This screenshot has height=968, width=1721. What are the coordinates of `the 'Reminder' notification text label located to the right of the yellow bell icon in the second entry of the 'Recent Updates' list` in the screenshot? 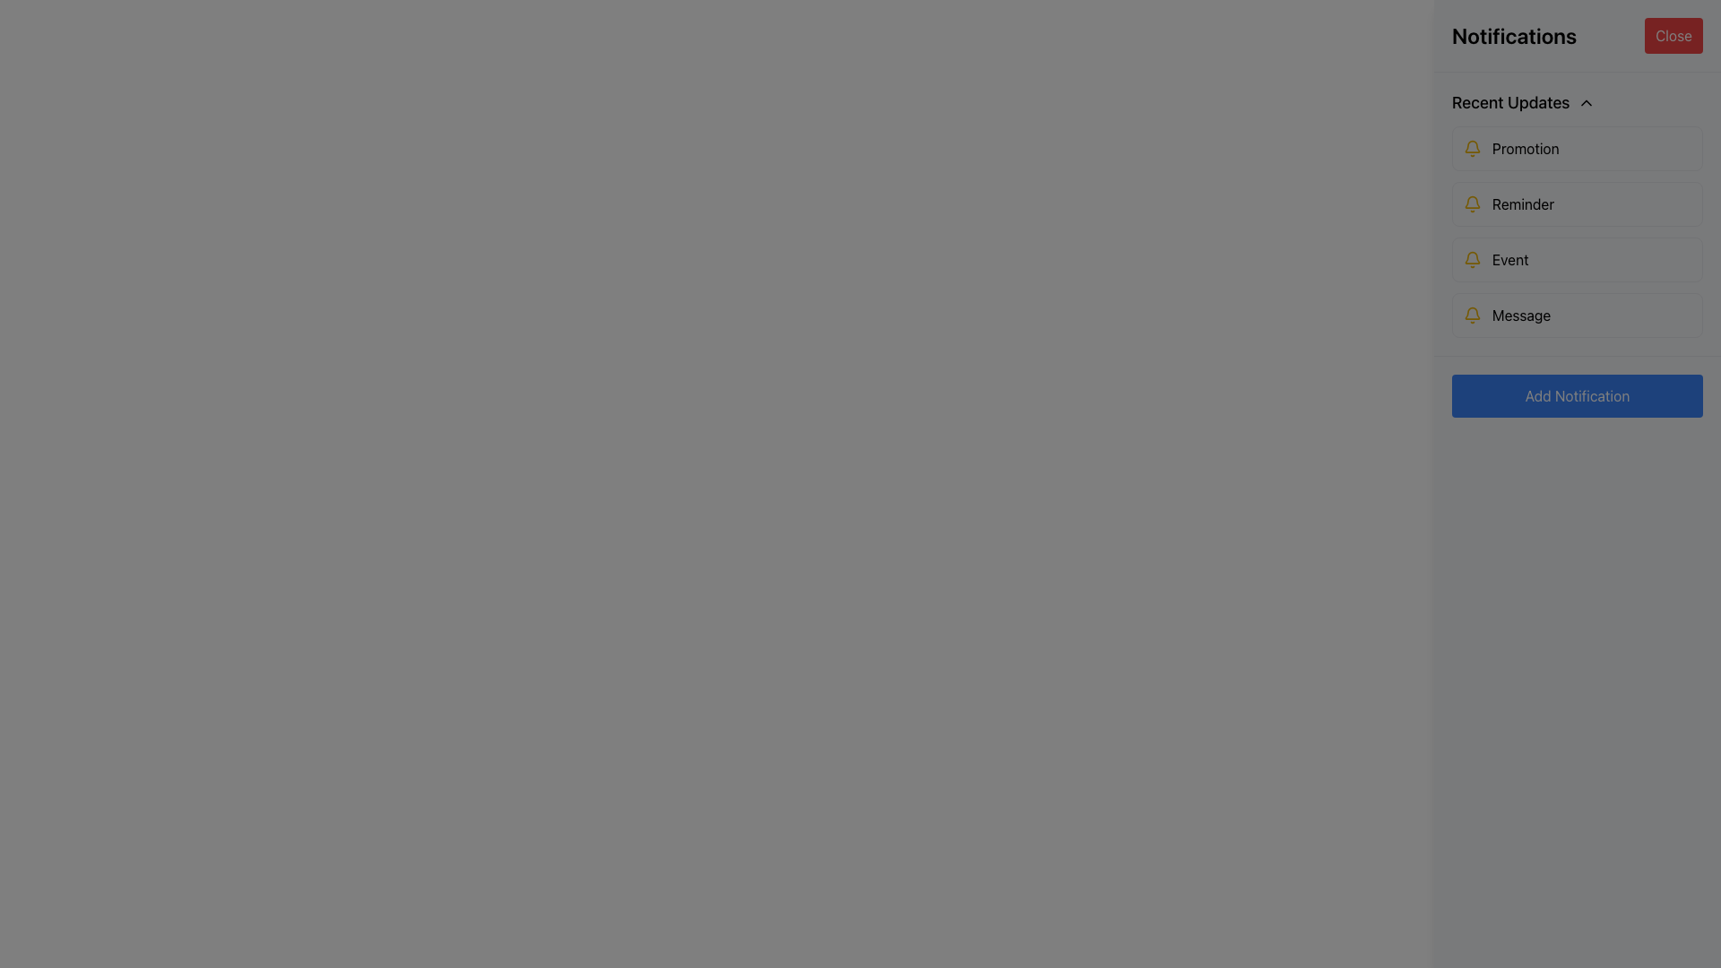 It's located at (1522, 203).